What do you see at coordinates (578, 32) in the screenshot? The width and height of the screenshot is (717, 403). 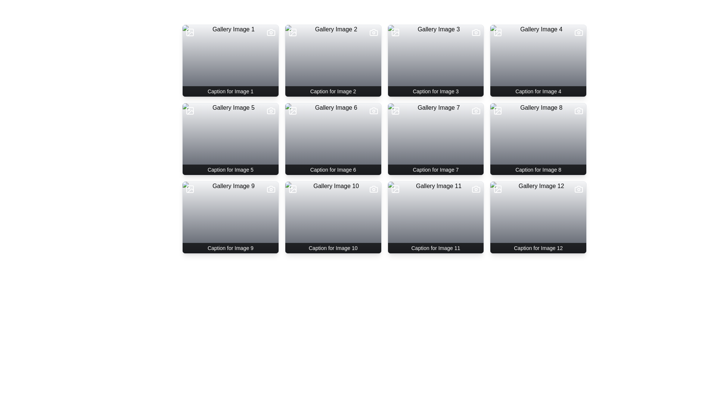 I see `the camera icon located in the upper-right corner of the 'Gallery Image 4' card, which features a minimalistic design with a rectangular body and protruding lens area` at bounding box center [578, 32].